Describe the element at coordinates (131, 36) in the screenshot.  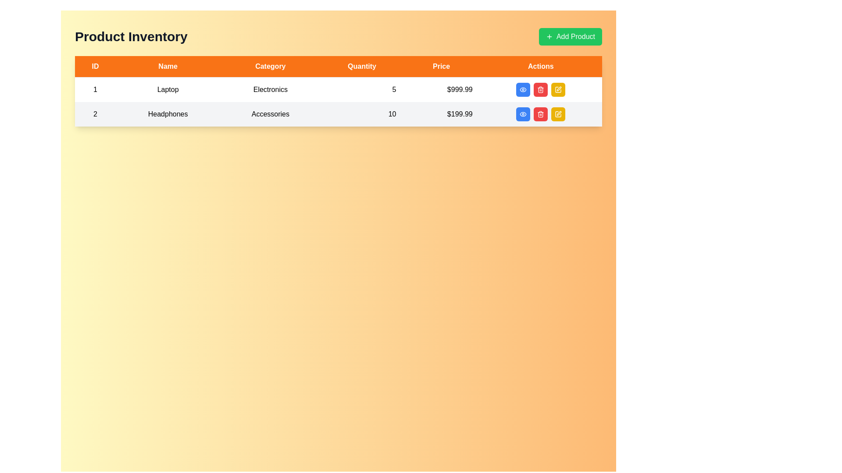
I see `the header text indicating the purpose of the page for managing product inventory, located at the top-left section of the interface` at that location.